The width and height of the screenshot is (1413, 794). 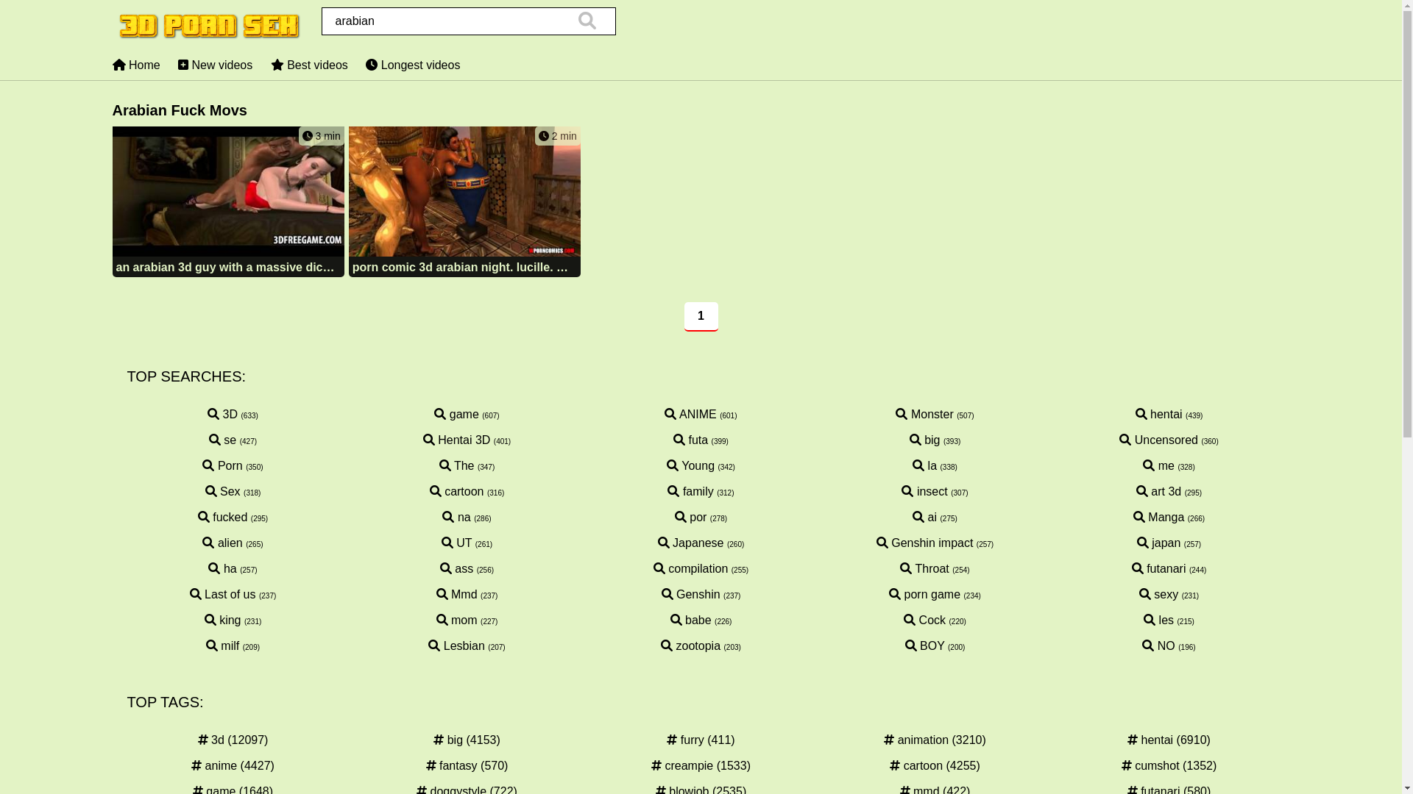 I want to click on 'Genshin impact', so click(x=924, y=543).